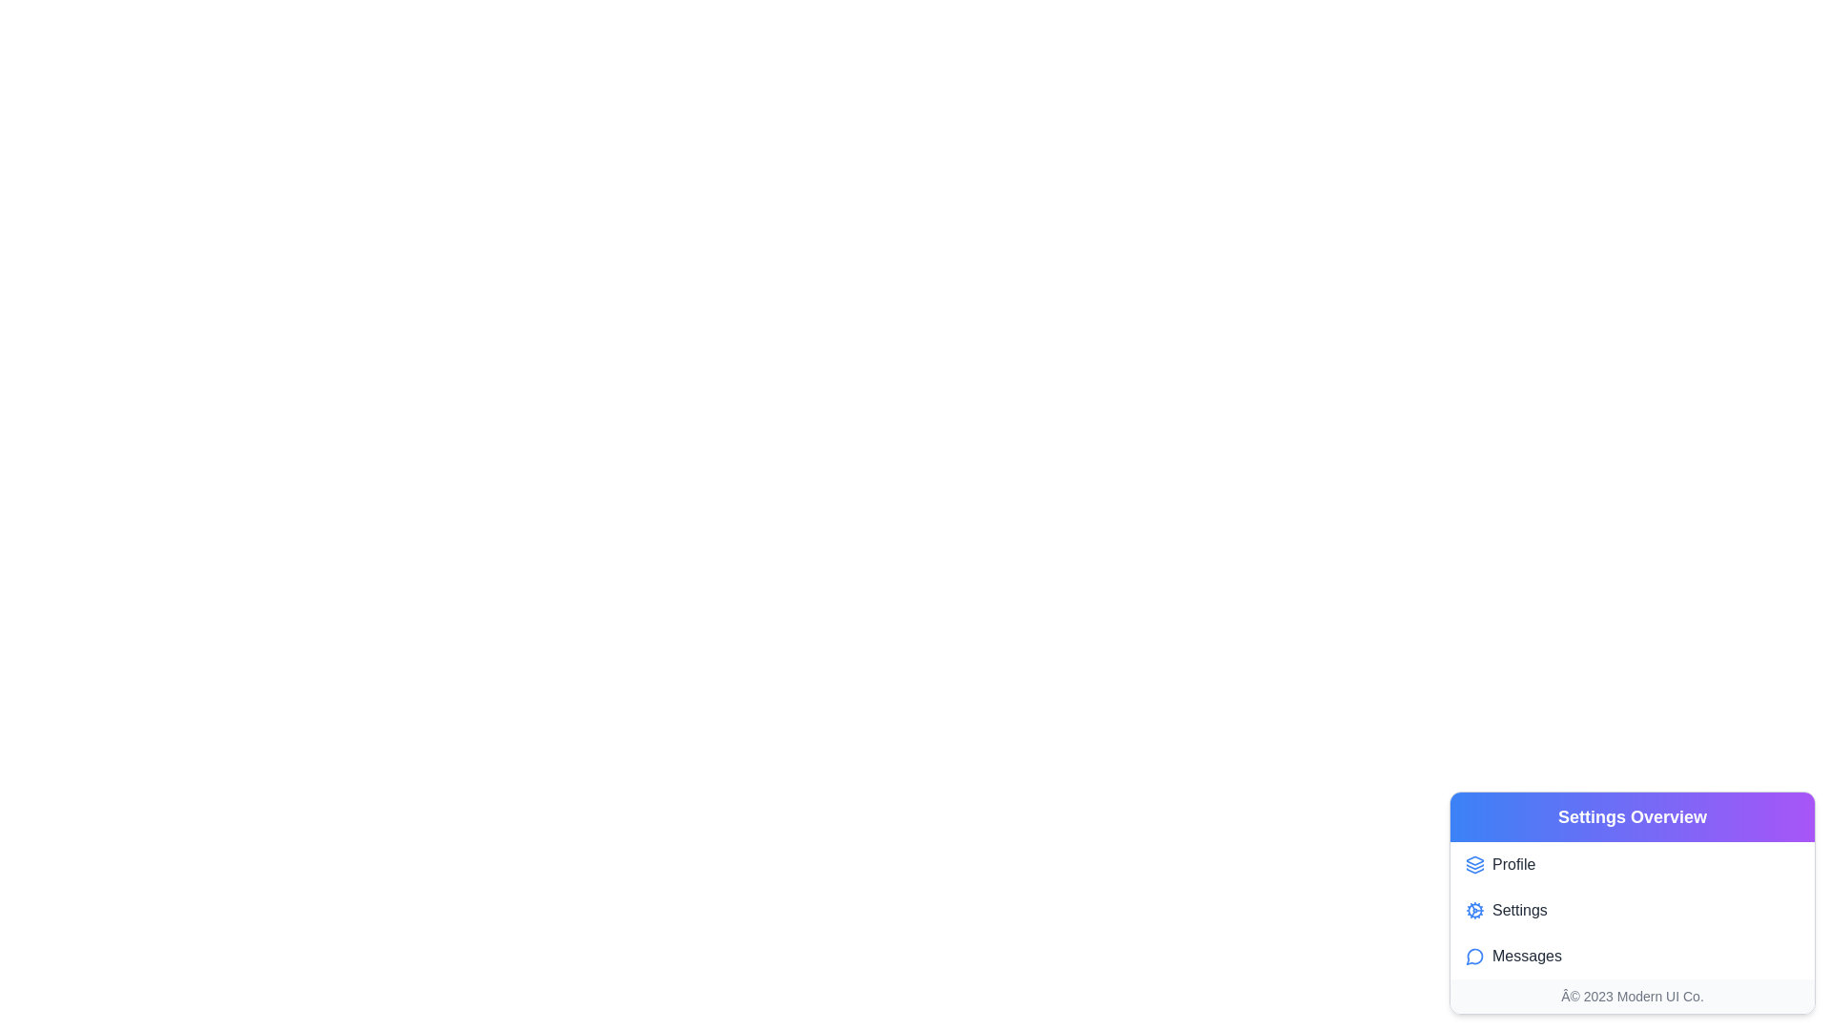 The image size is (1831, 1030). I want to click on the 'Profile' icon located to the left of the 'Profile' text in the 'Settings Overview' menu list, so click(1473, 864).